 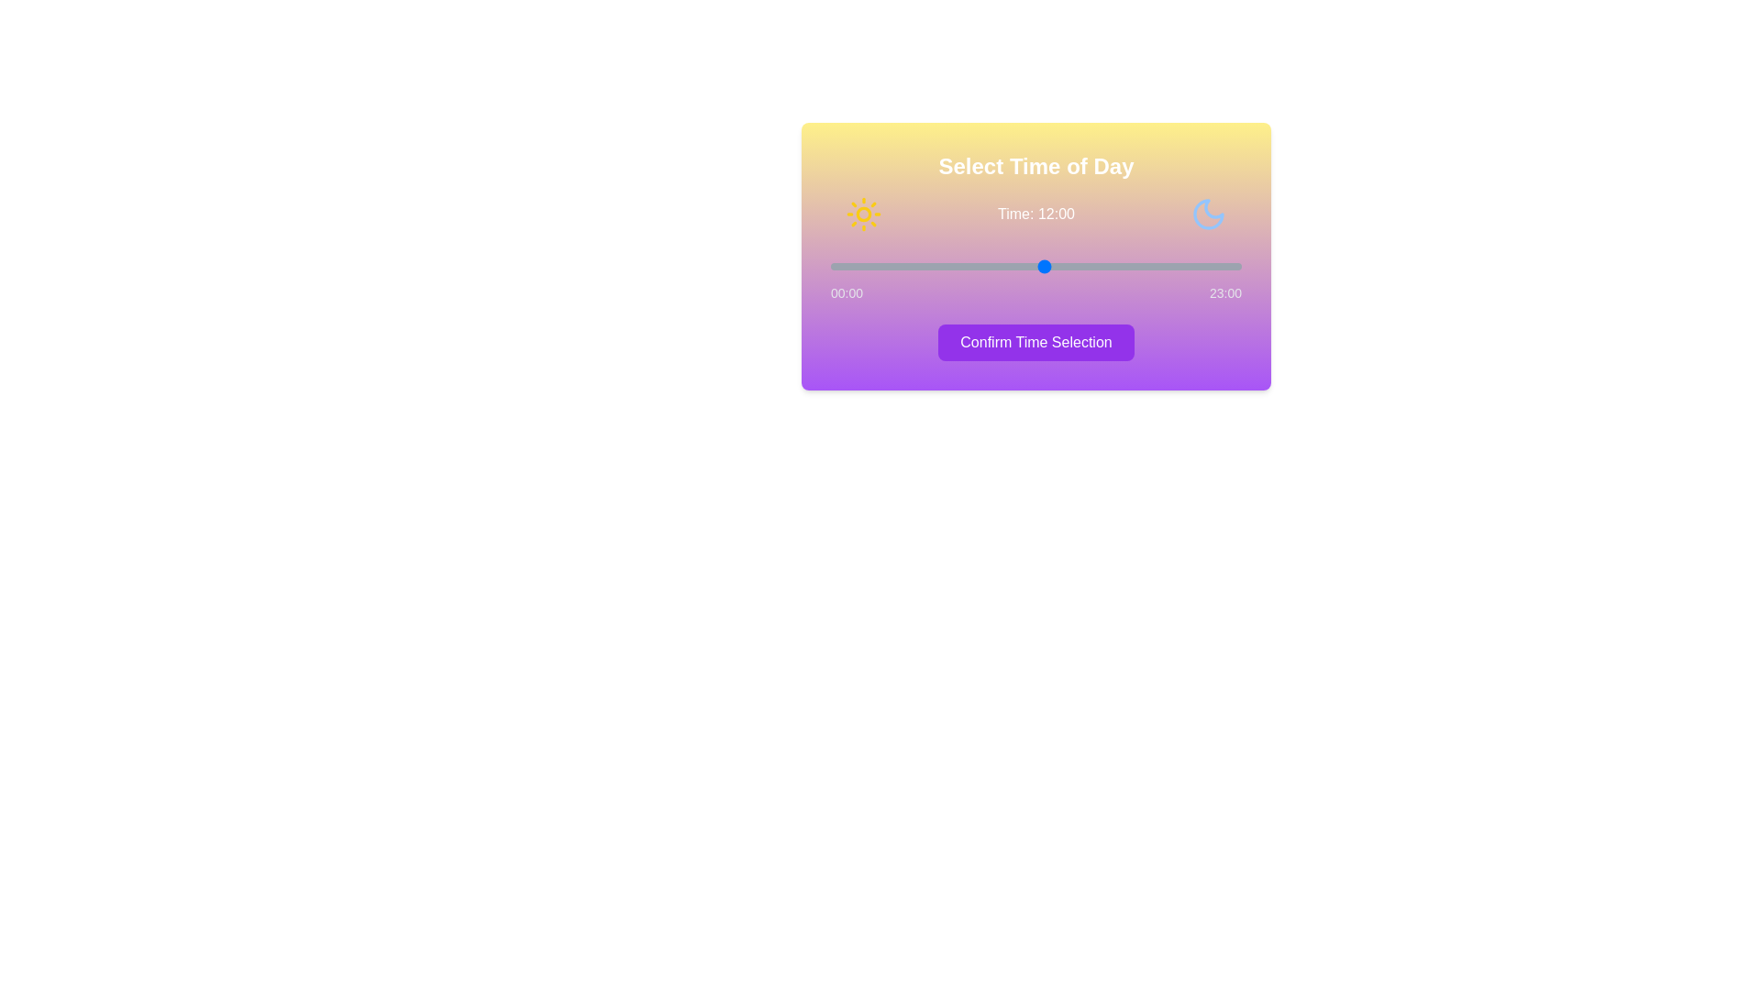 I want to click on the time to 8 hour(s) by interacting with the slider, so click(x=972, y=266).